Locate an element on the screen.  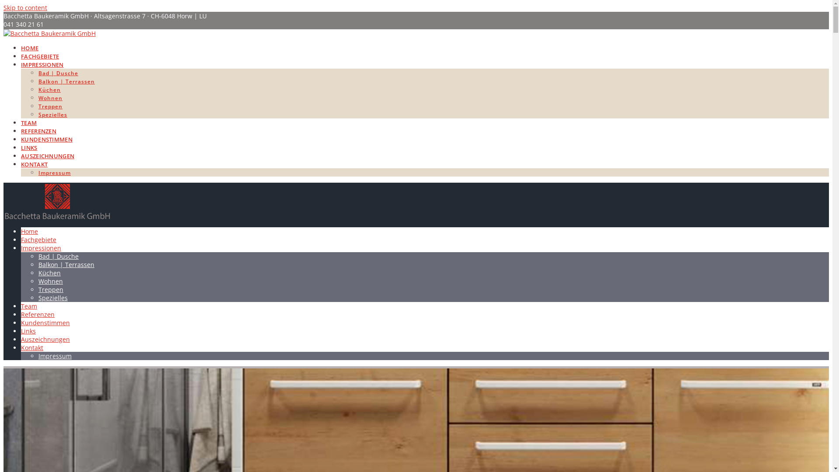
'Fachgebiete' is located at coordinates (38, 239).